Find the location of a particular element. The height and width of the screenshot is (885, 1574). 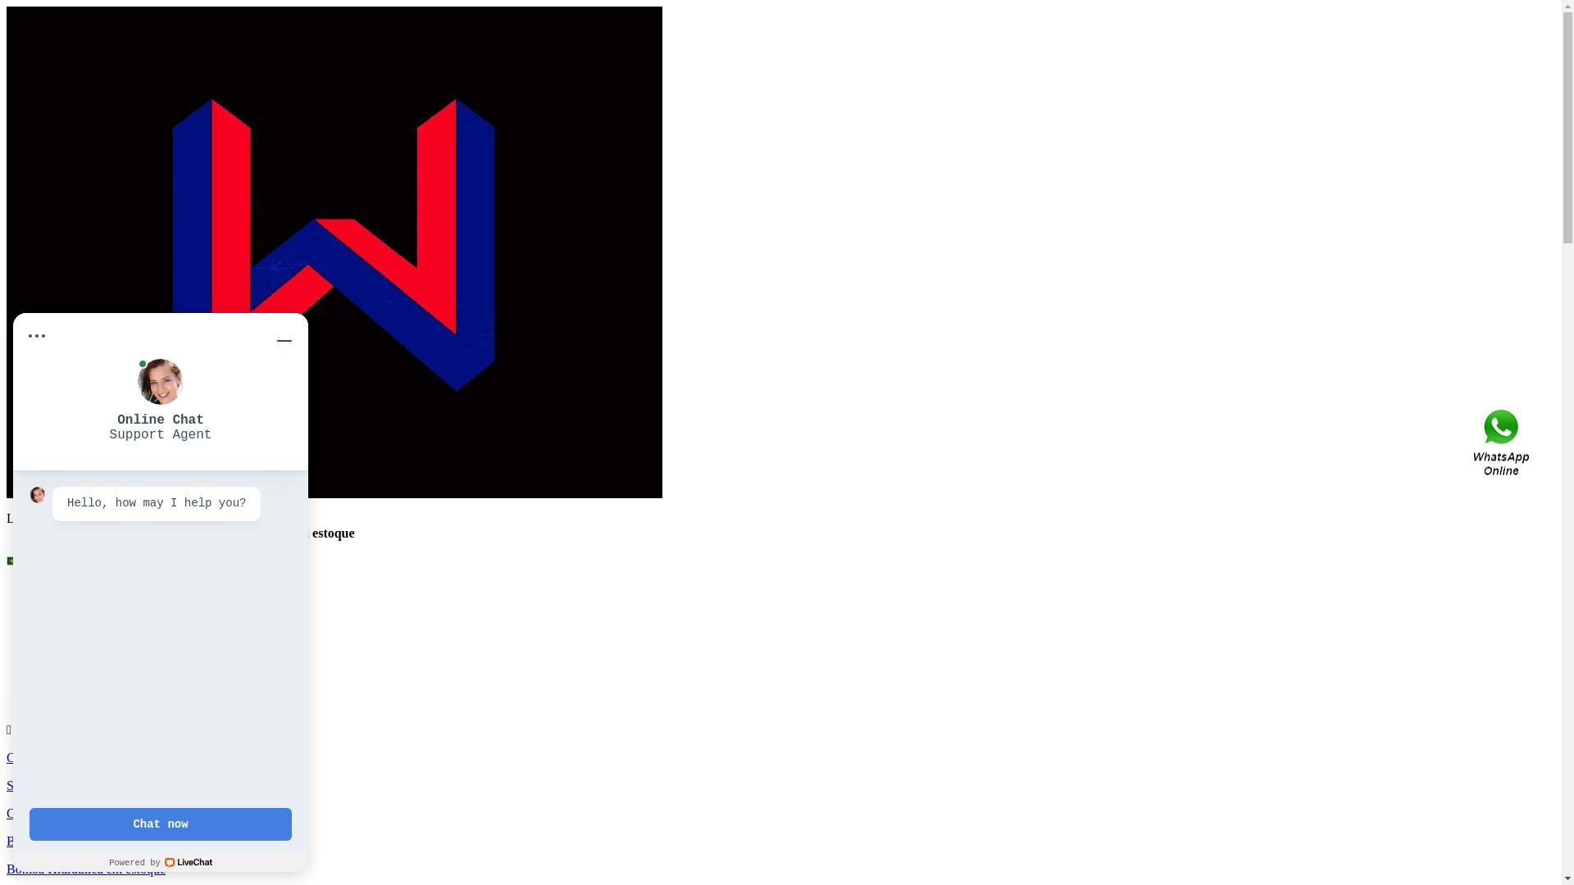

'Bombas de Engrenagem' is located at coordinates (102, 661).